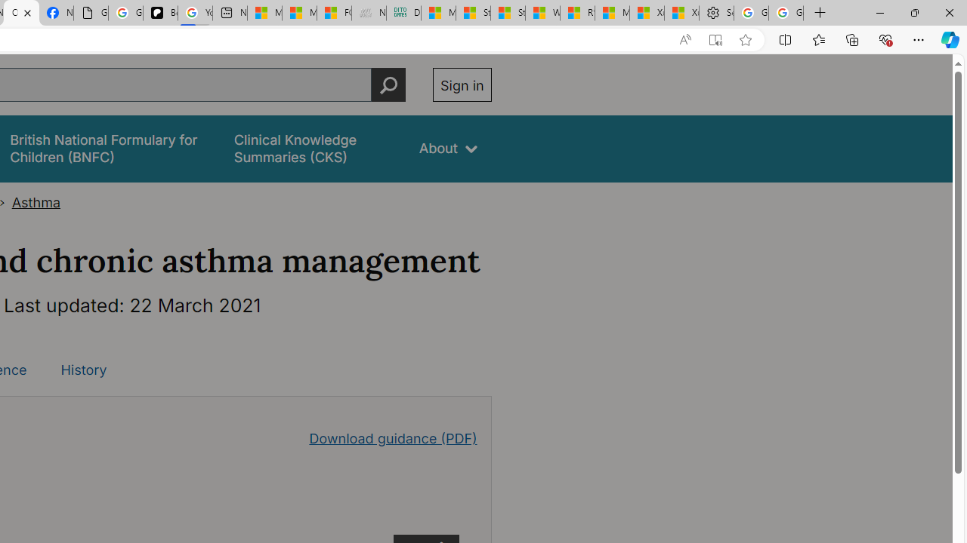 This screenshot has height=543, width=967. I want to click on 'Perform search', so click(388, 84).